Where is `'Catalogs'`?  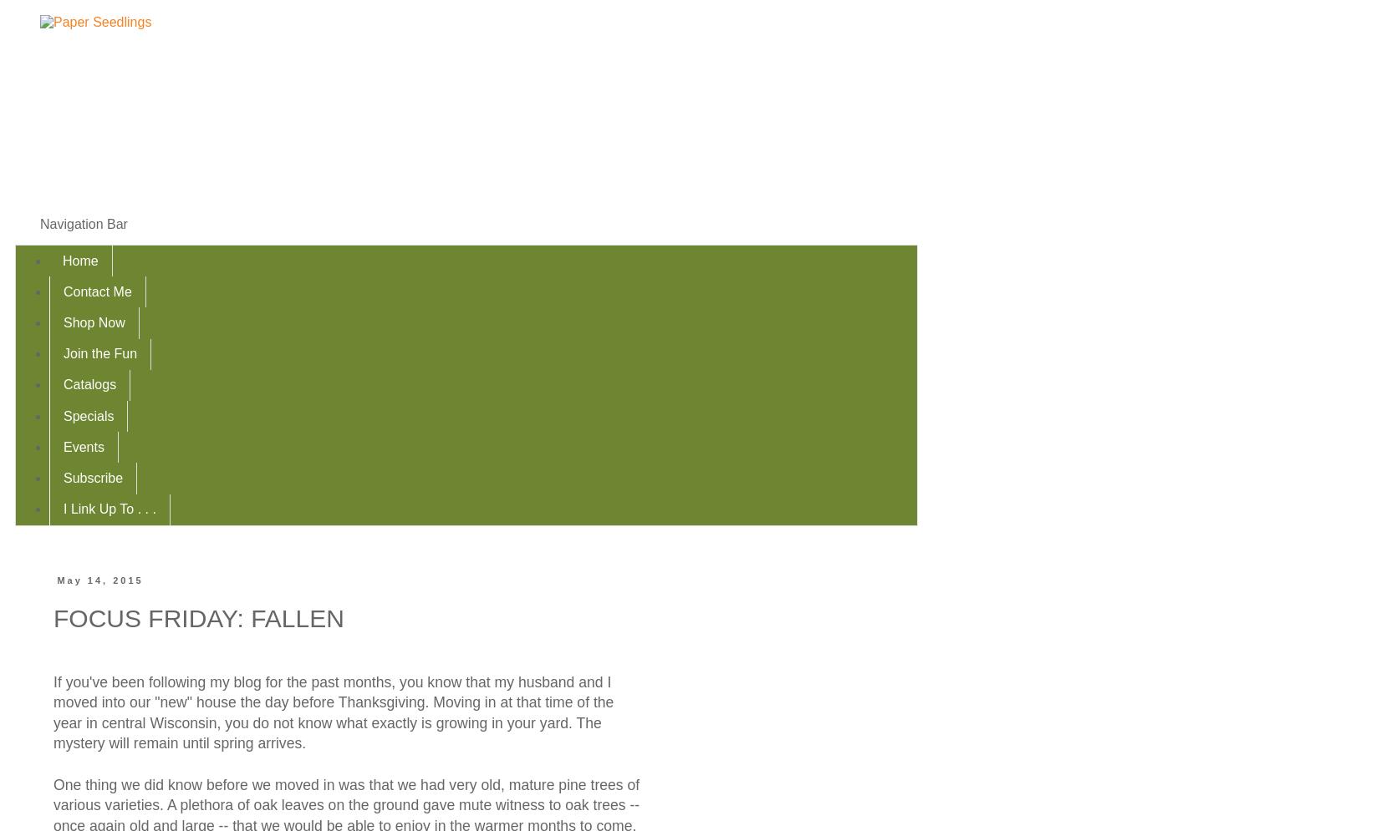 'Catalogs' is located at coordinates (89, 384).